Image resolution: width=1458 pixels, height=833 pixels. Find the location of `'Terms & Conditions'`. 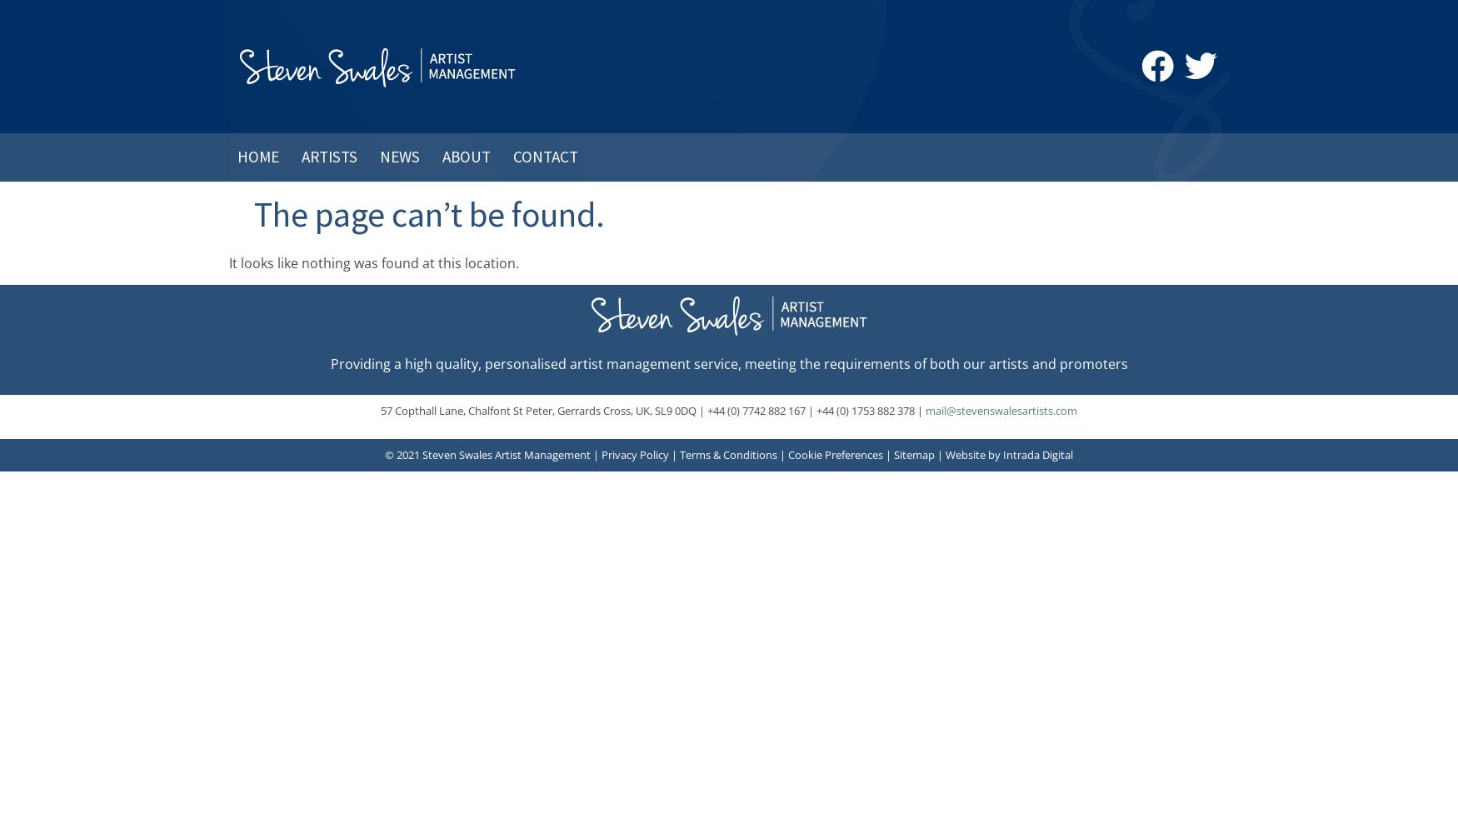

'Terms & Conditions' is located at coordinates (728, 455).